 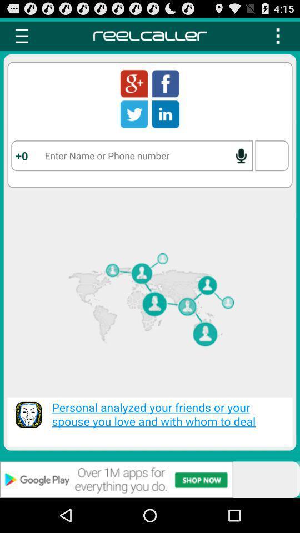 I want to click on the mike option, so click(x=240, y=155).